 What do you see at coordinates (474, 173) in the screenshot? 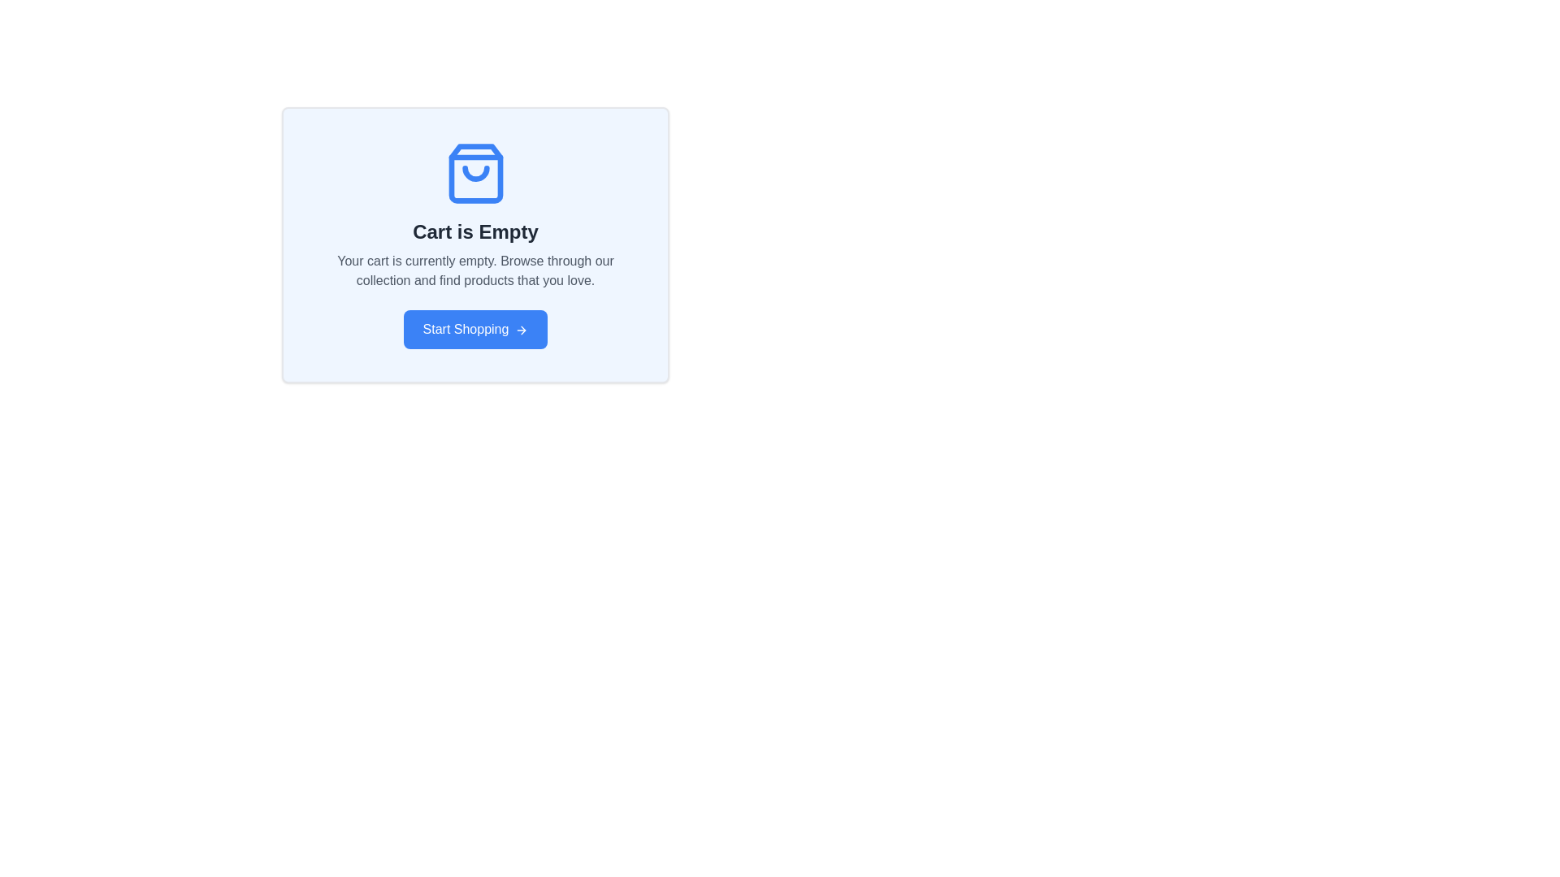
I see `the blue curved visual feature forming part of the shopping bag icon, located within the 'Cart is Empty' informational card` at bounding box center [474, 173].